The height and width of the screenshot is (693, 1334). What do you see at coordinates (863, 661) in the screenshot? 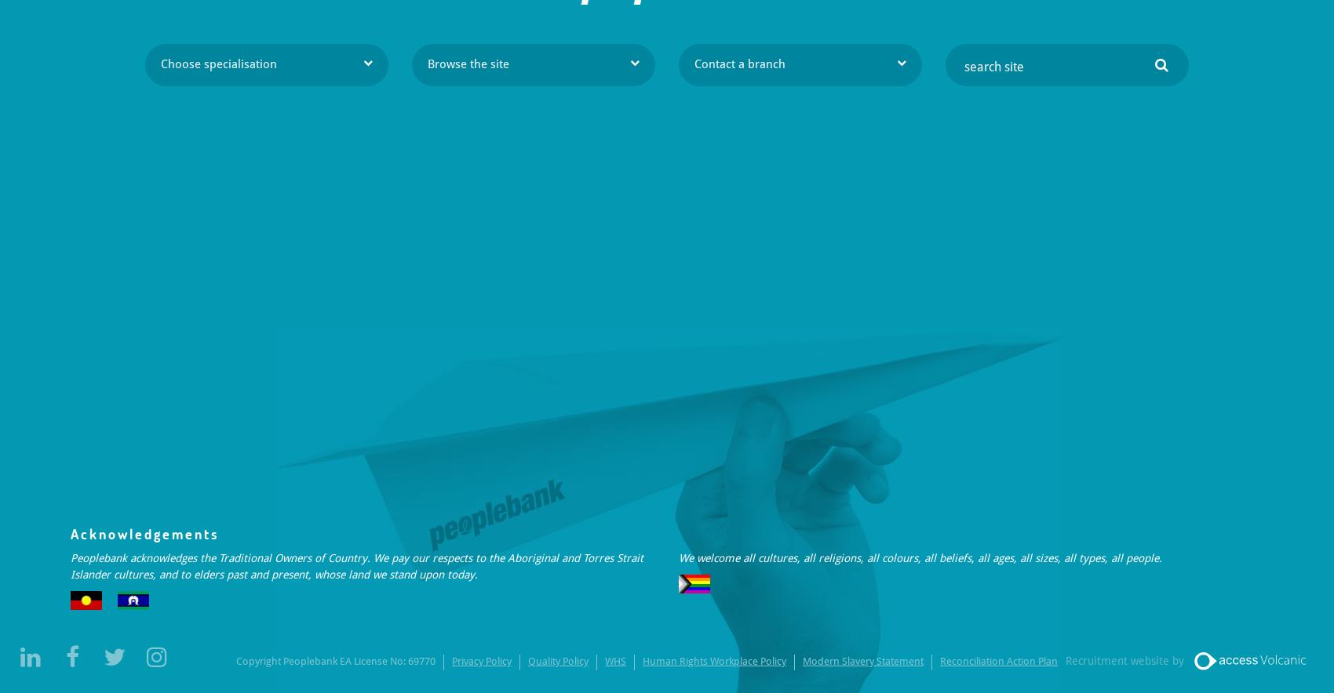
I see `'Modern Slavery Statement'` at bounding box center [863, 661].